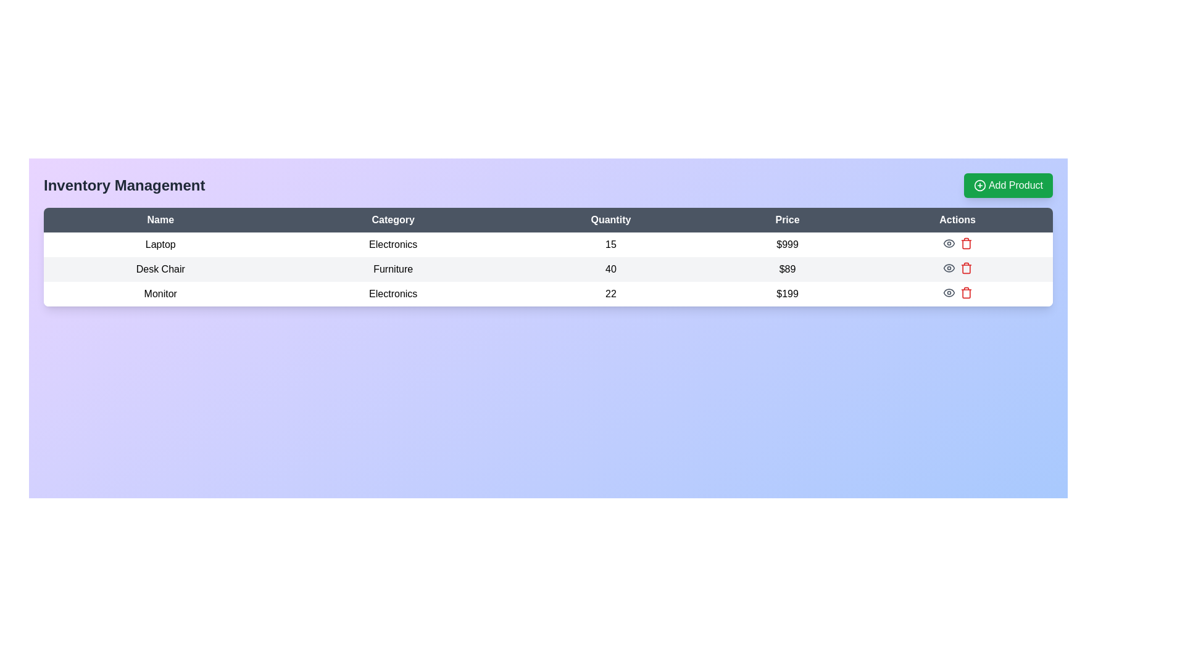 The height and width of the screenshot is (666, 1185). I want to click on the gray eye icon in the icon group located in the rightmost column of the 'Desk Chair' entry in the table, so click(957, 268).